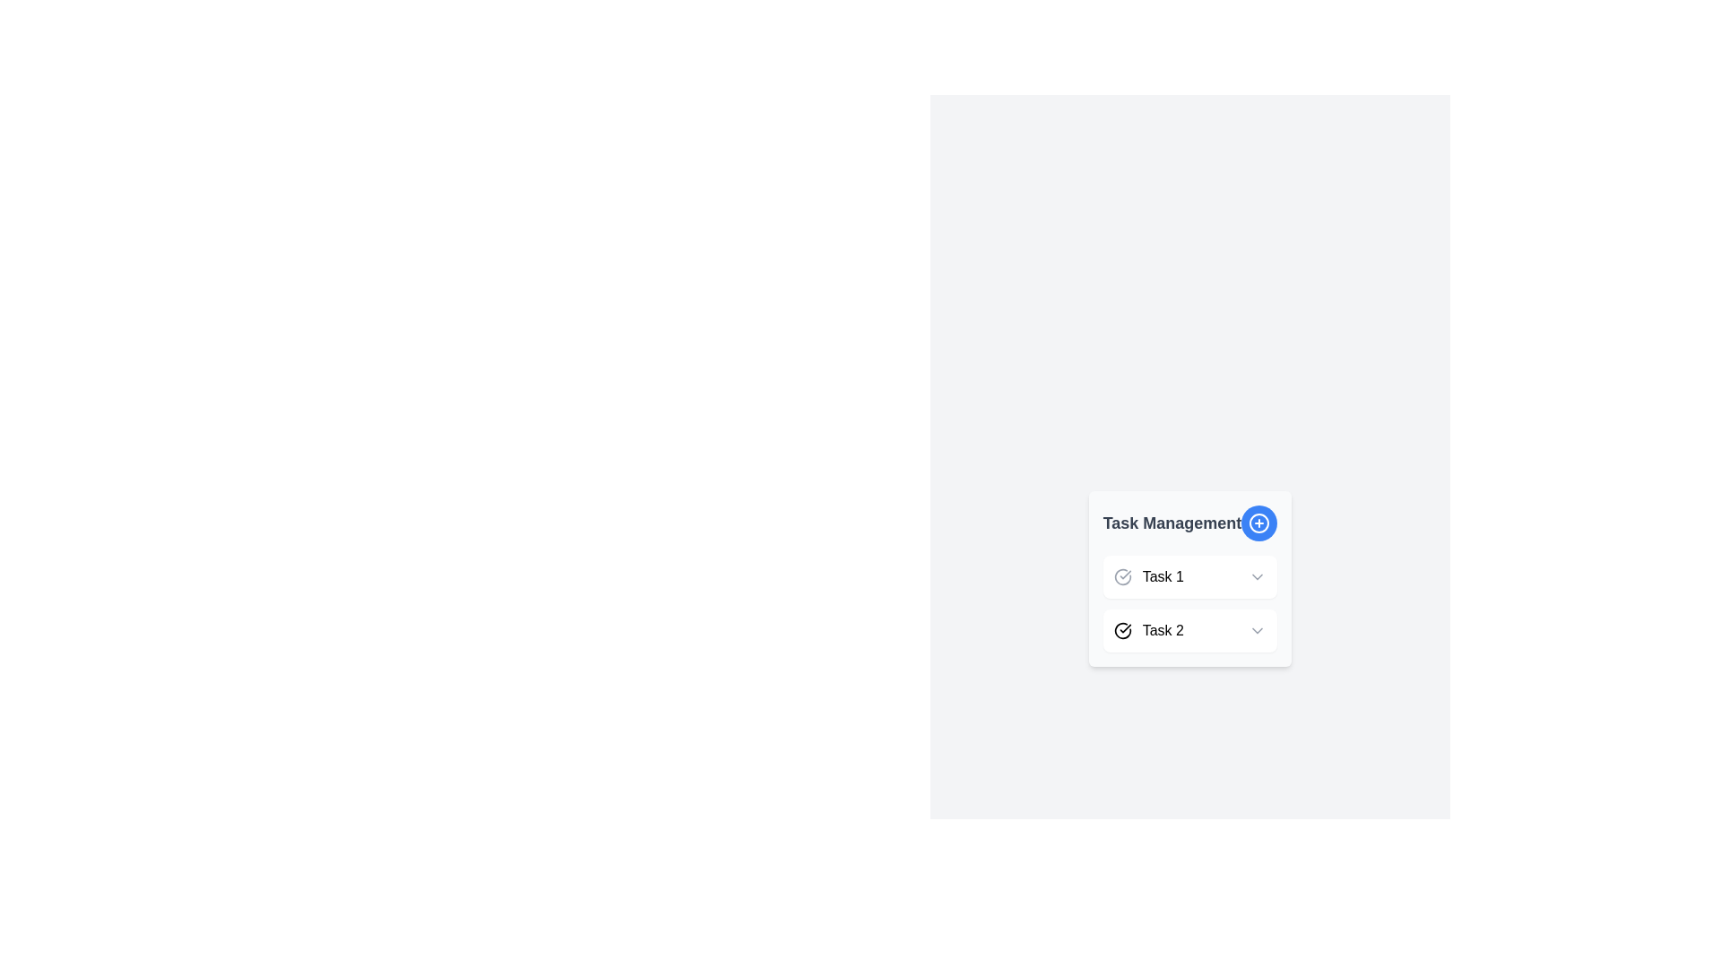  Describe the element at coordinates (1190, 604) in the screenshot. I see `the Task list group located in the central area of the task management panel, directly below the title 'Task Management'` at that location.